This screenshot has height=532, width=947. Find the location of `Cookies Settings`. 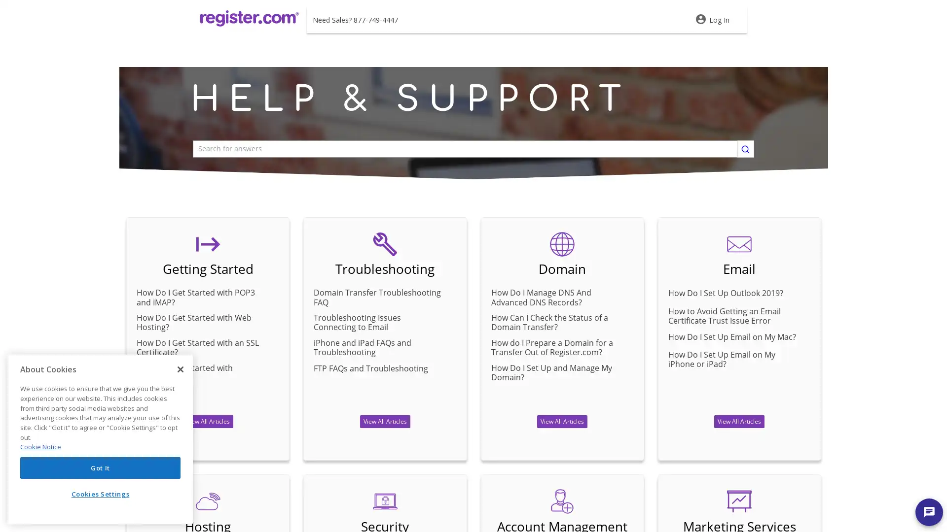

Cookies Settings is located at coordinates (100, 494).